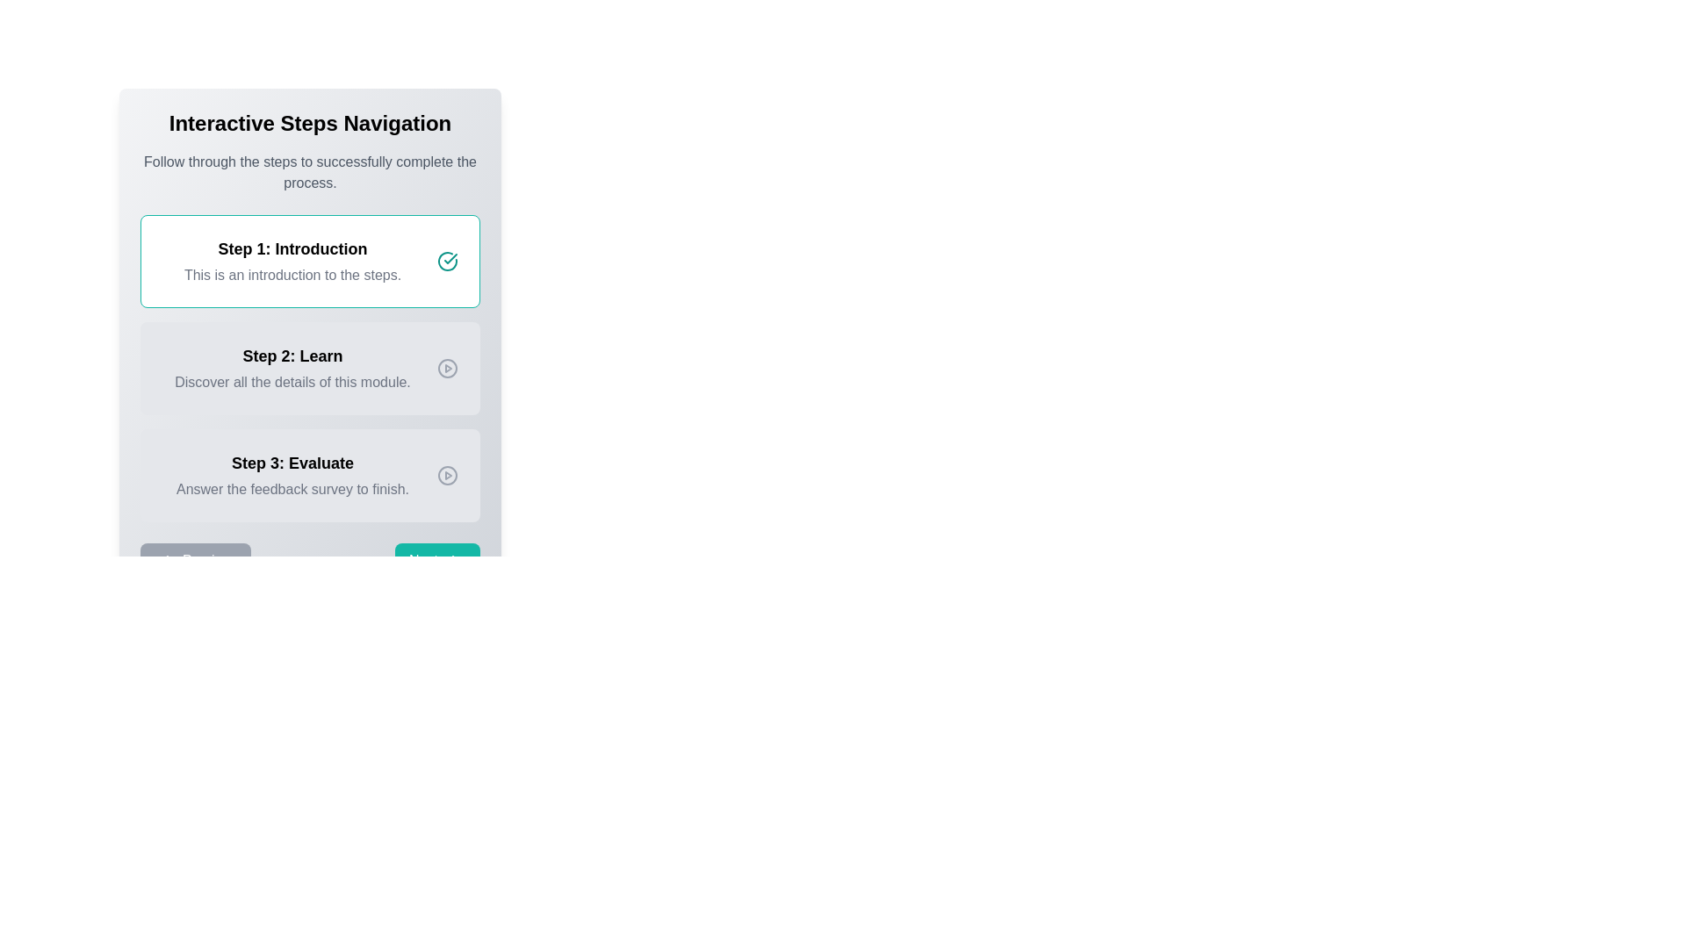 This screenshot has width=1686, height=948. I want to click on the visual state of the circular teal icon with a checkmark inside, located in the upper right corner of the box labeled 'Step 1: Introduction', so click(447, 261).